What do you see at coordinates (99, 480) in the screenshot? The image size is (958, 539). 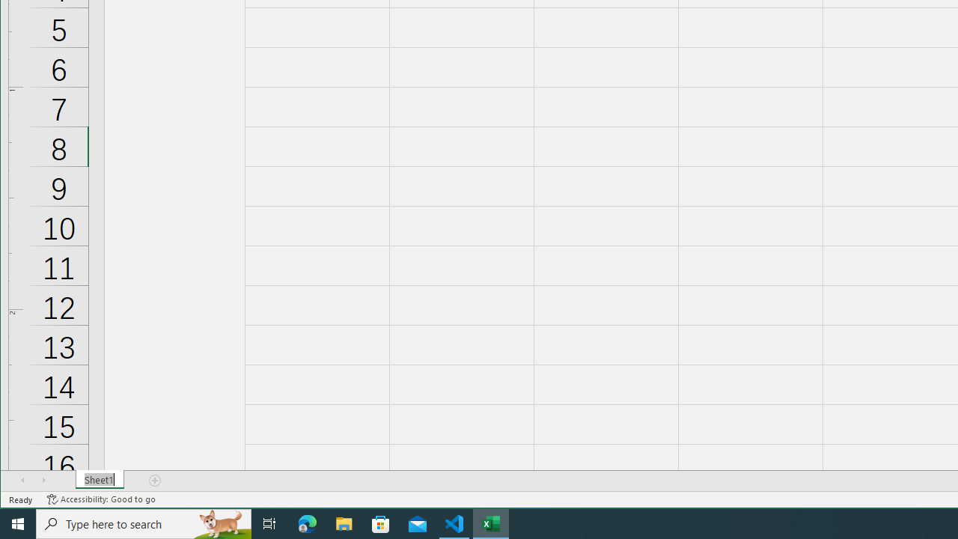 I see `'Sheet Tab'` at bounding box center [99, 480].